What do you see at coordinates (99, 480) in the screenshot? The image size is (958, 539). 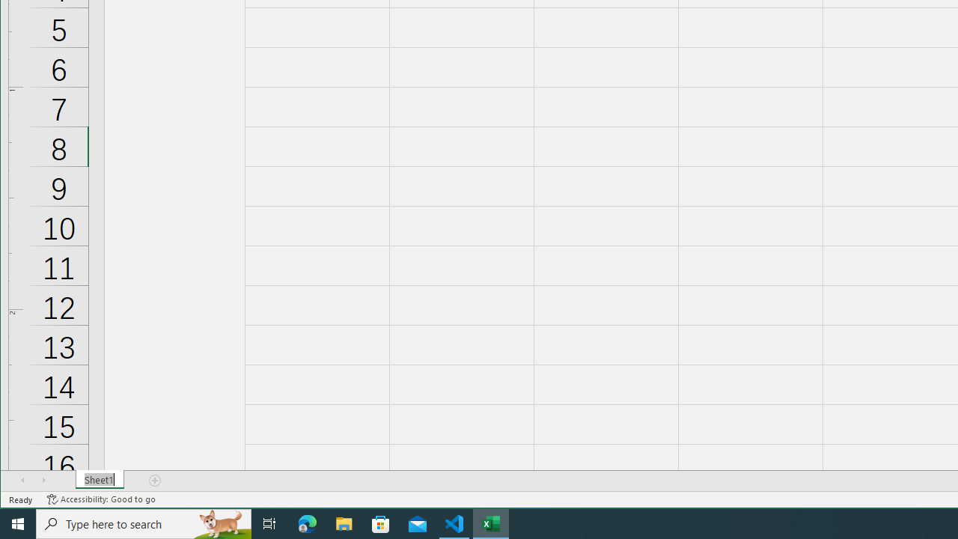 I see `'Sheet Tab'` at bounding box center [99, 480].